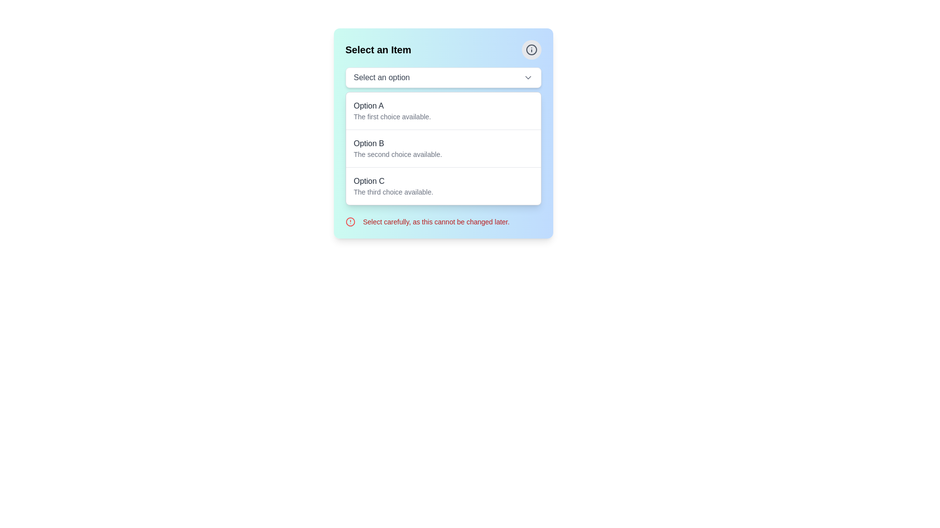 The height and width of the screenshot is (528, 940). What do you see at coordinates (443, 148) in the screenshot?
I see `the second selectable choice in the dropdown list, which is positioned between 'Option A' and 'Option C'` at bounding box center [443, 148].